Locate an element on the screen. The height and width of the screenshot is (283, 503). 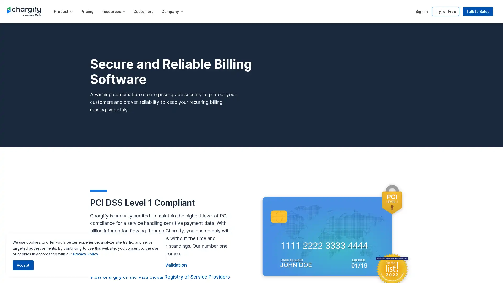
Chargify and SaaSOptics are becoming Maxio. is located at coordinates (233, 7).